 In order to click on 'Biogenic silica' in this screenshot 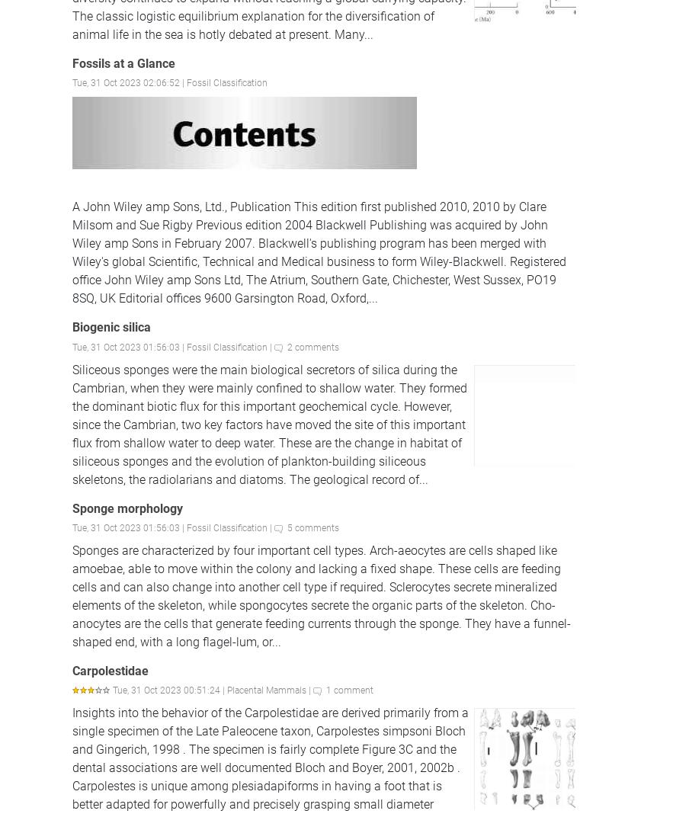, I will do `click(111, 326)`.